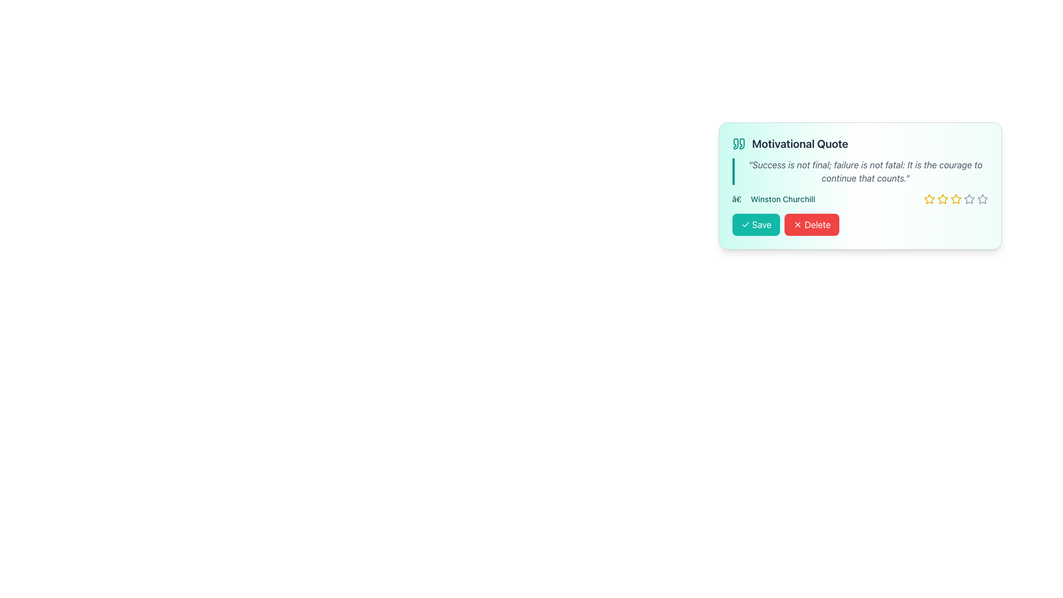  I want to click on the second star-shaped interactive icon used for rating, which allows users to indicate a two-star selection in the rating system, so click(929, 198).